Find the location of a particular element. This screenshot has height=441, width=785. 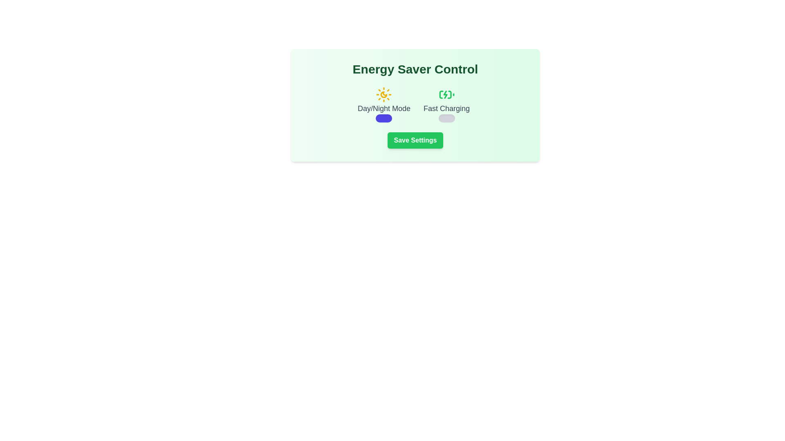

the 'Energy Saver Control' title to read it is located at coordinates (415, 69).